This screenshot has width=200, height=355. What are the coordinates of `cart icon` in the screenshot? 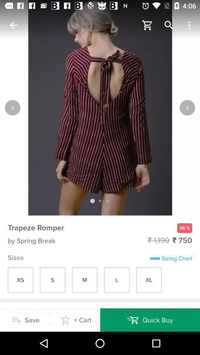 It's located at (147, 25).